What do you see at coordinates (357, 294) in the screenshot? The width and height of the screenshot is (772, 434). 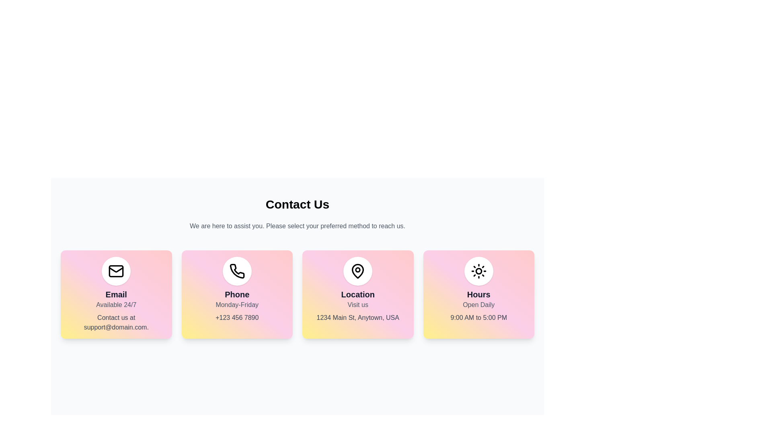 I see `the text label element displaying 'Location'` at bounding box center [357, 294].